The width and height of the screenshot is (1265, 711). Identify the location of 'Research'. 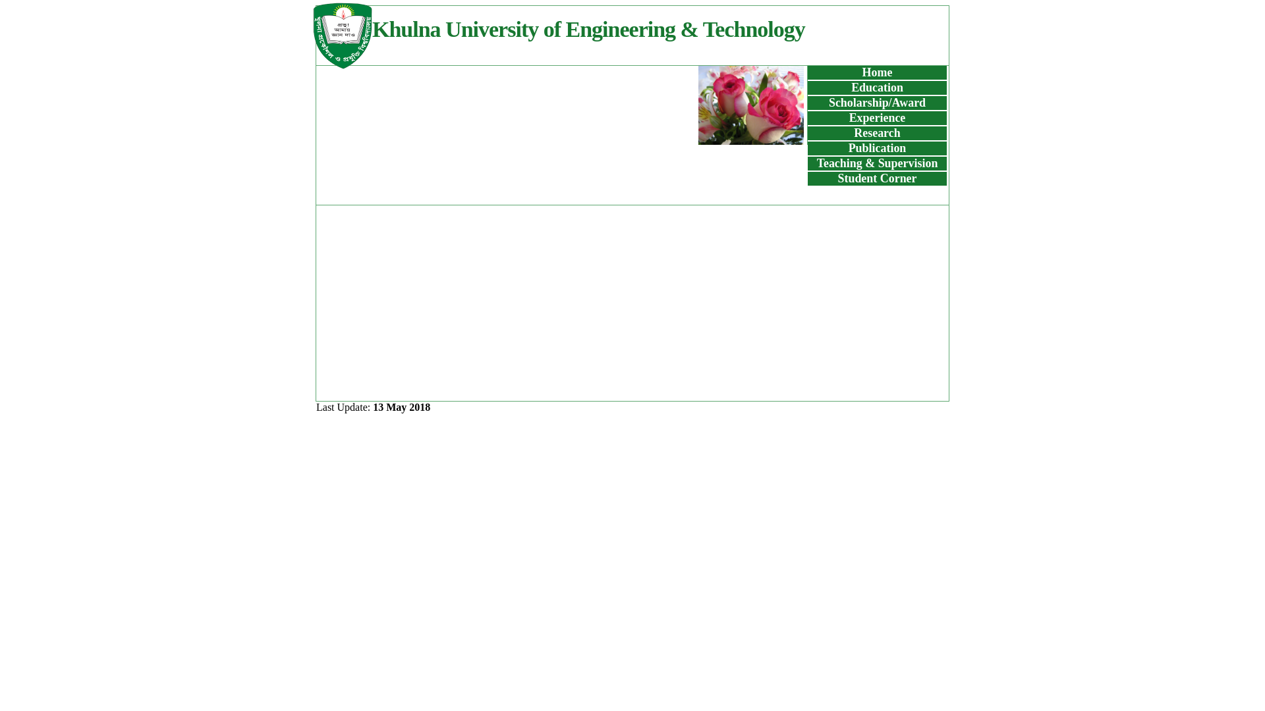
(876, 132).